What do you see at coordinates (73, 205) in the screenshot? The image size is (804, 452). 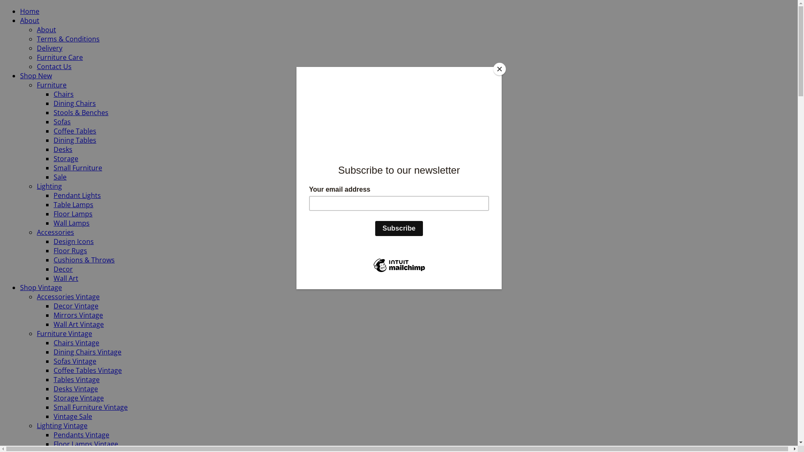 I see `'Table Lamps'` at bounding box center [73, 205].